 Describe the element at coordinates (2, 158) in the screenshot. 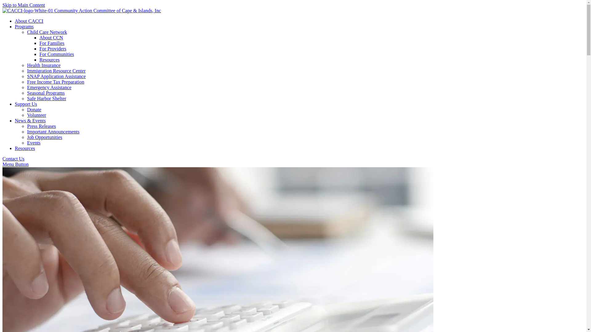

I see `'Contact Us'` at that location.